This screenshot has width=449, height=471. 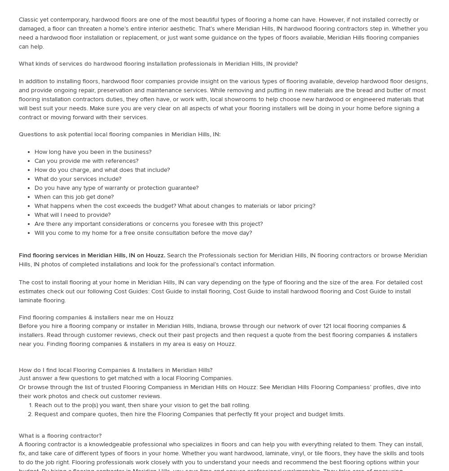 I want to click on 'What is a flooring contractor?', so click(x=19, y=435).